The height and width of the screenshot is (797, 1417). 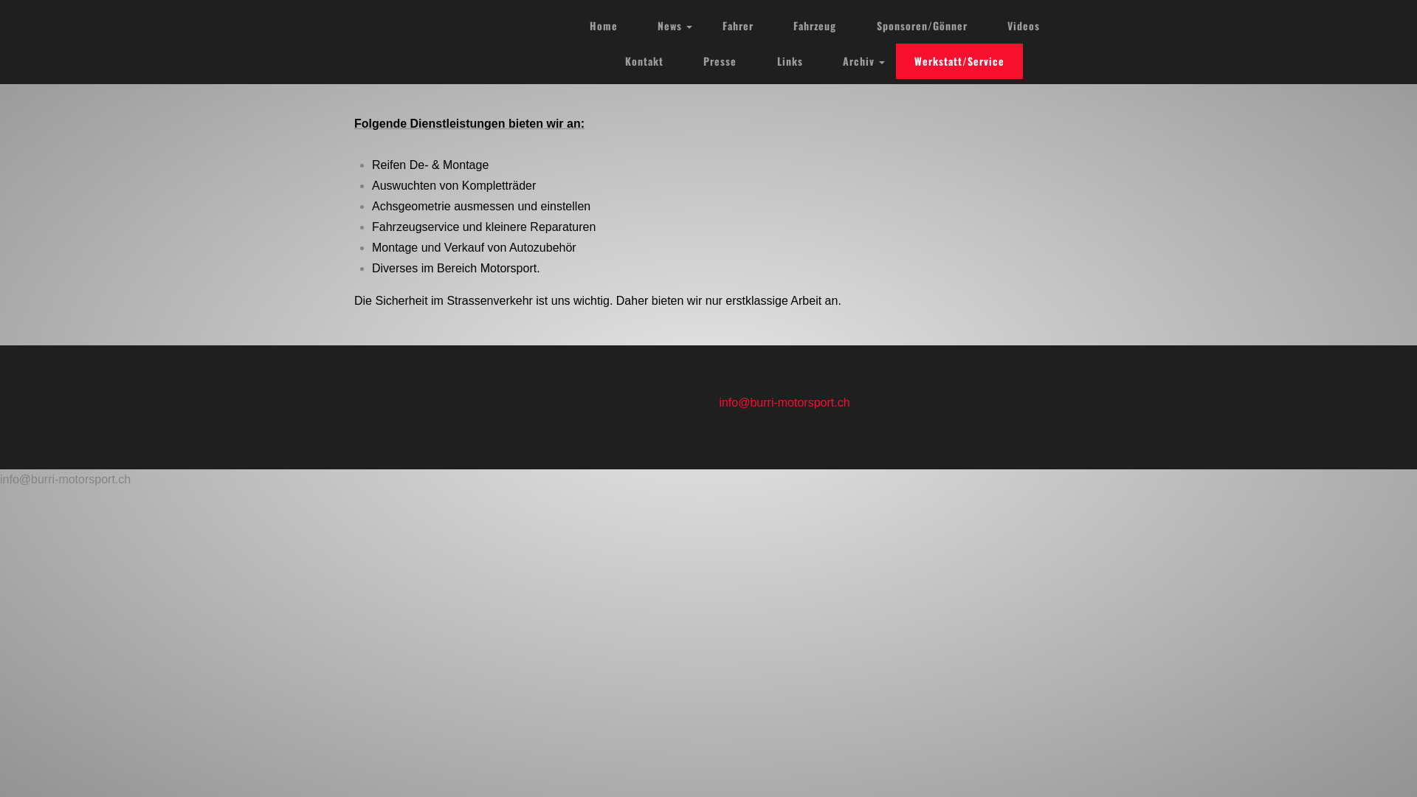 I want to click on 'Home', so click(x=603, y=25).